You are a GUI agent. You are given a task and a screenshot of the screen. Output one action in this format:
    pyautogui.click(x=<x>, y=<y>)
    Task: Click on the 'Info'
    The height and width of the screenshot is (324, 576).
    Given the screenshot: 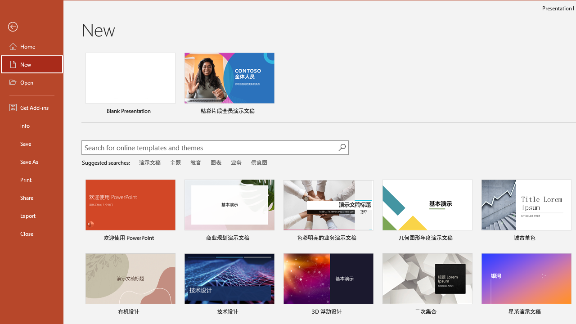 What is the action you would take?
    pyautogui.click(x=32, y=126)
    